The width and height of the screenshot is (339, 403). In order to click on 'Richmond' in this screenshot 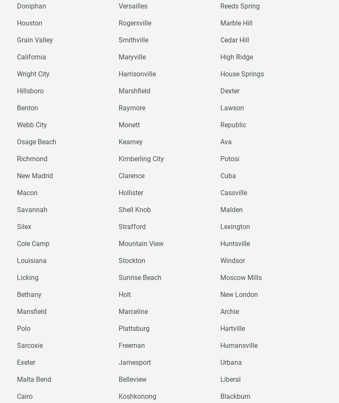, I will do `click(17, 158)`.